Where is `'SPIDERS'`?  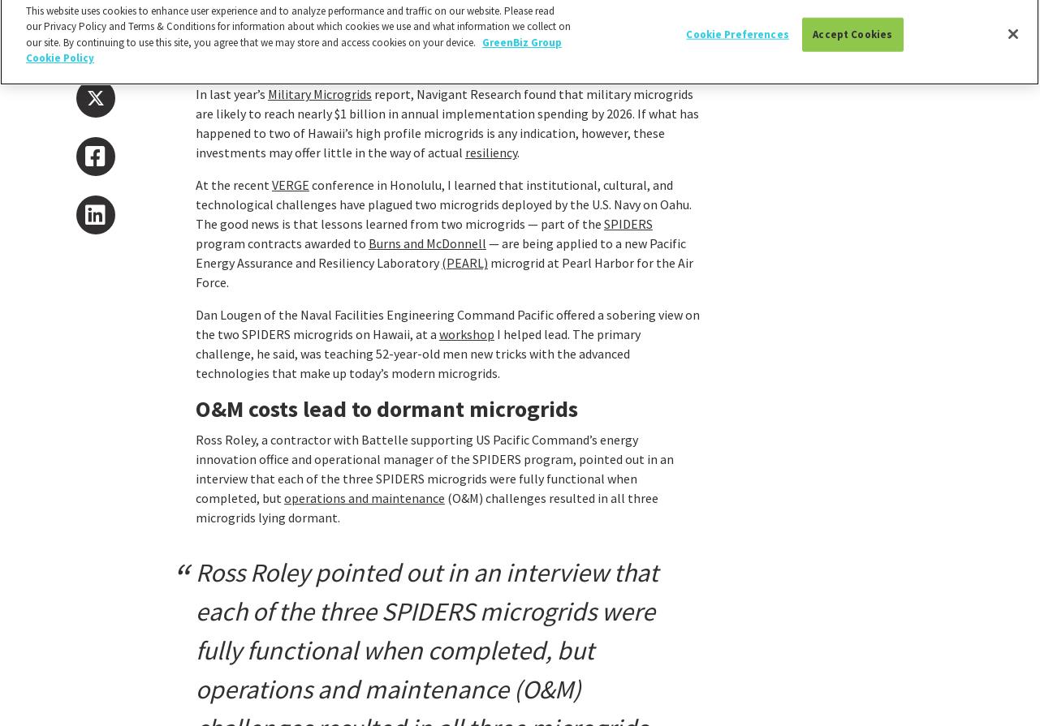 'SPIDERS' is located at coordinates (627, 224).